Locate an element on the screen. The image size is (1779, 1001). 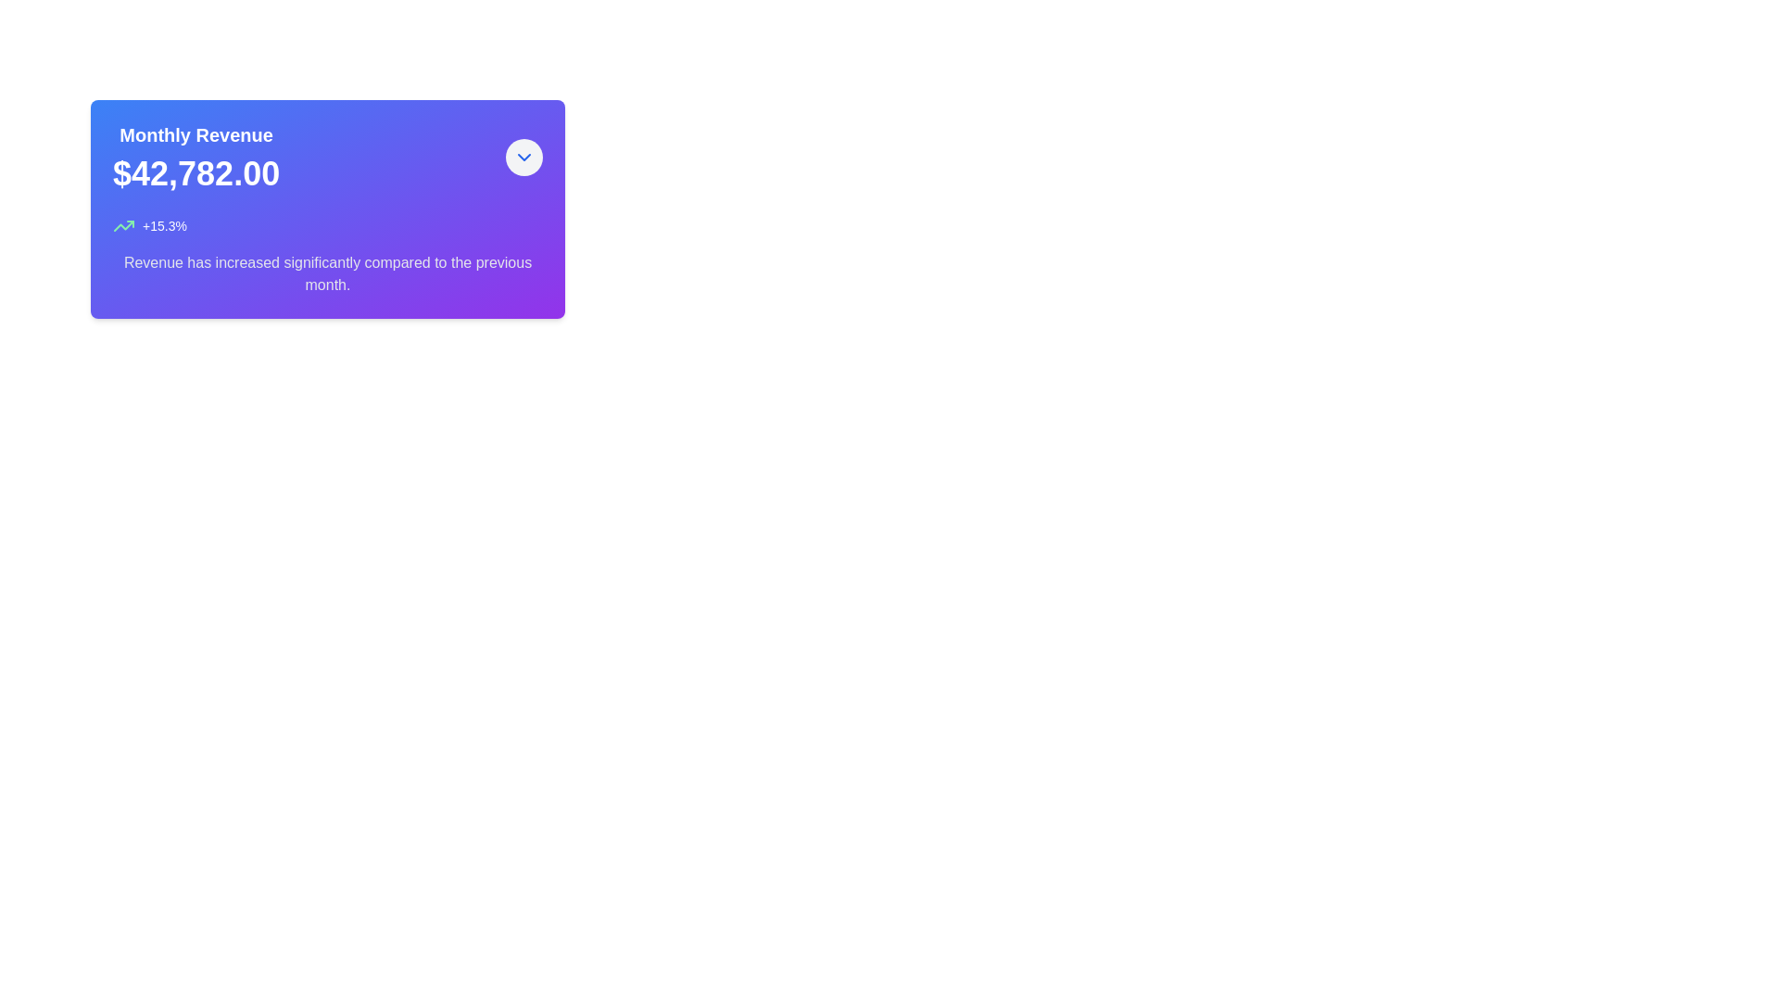
the small green upward-trending line chart icon located to the left of the '+15.3%' percentage change label within the monthly revenue card is located at coordinates (123, 224).